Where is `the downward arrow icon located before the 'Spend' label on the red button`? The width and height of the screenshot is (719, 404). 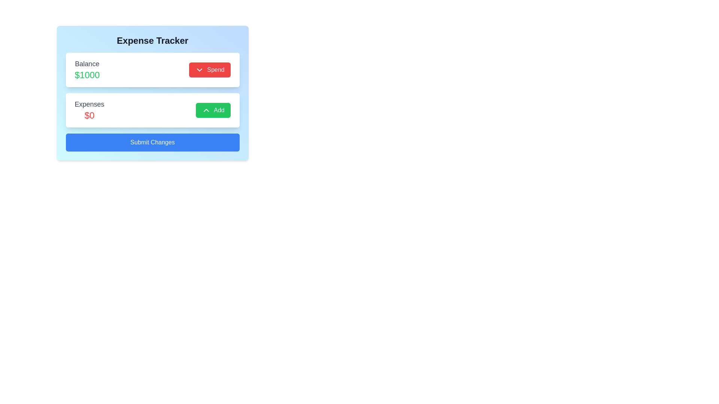 the downward arrow icon located before the 'Spend' label on the red button is located at coordinates (200, 70).